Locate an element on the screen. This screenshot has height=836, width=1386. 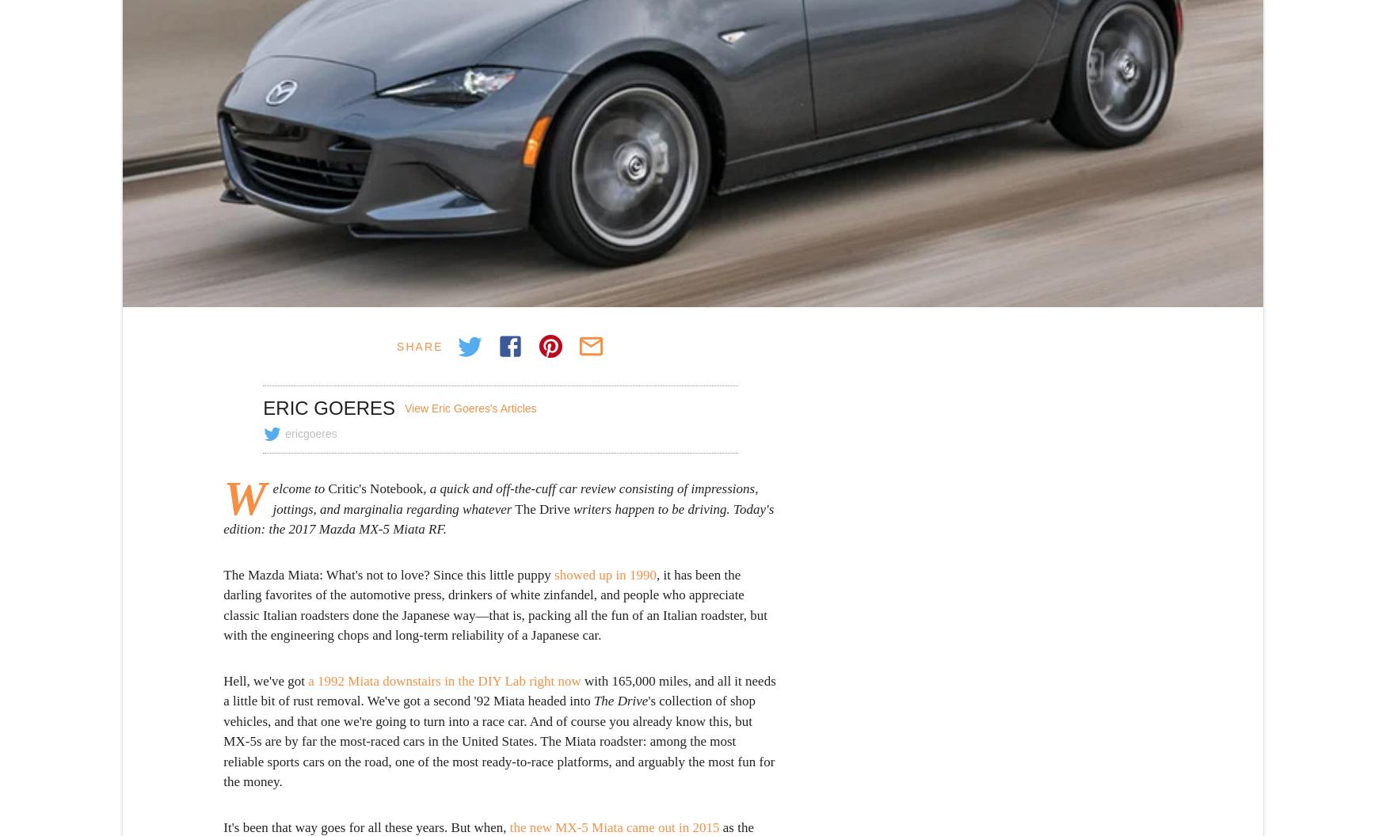
'It's been that way goes for all these years. But when,' is located at coordinates (366, 826).